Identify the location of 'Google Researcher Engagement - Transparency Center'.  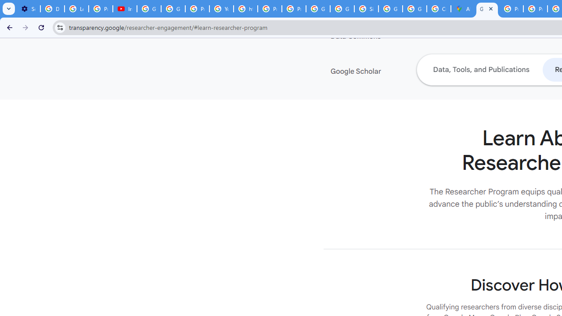
(486, 9).